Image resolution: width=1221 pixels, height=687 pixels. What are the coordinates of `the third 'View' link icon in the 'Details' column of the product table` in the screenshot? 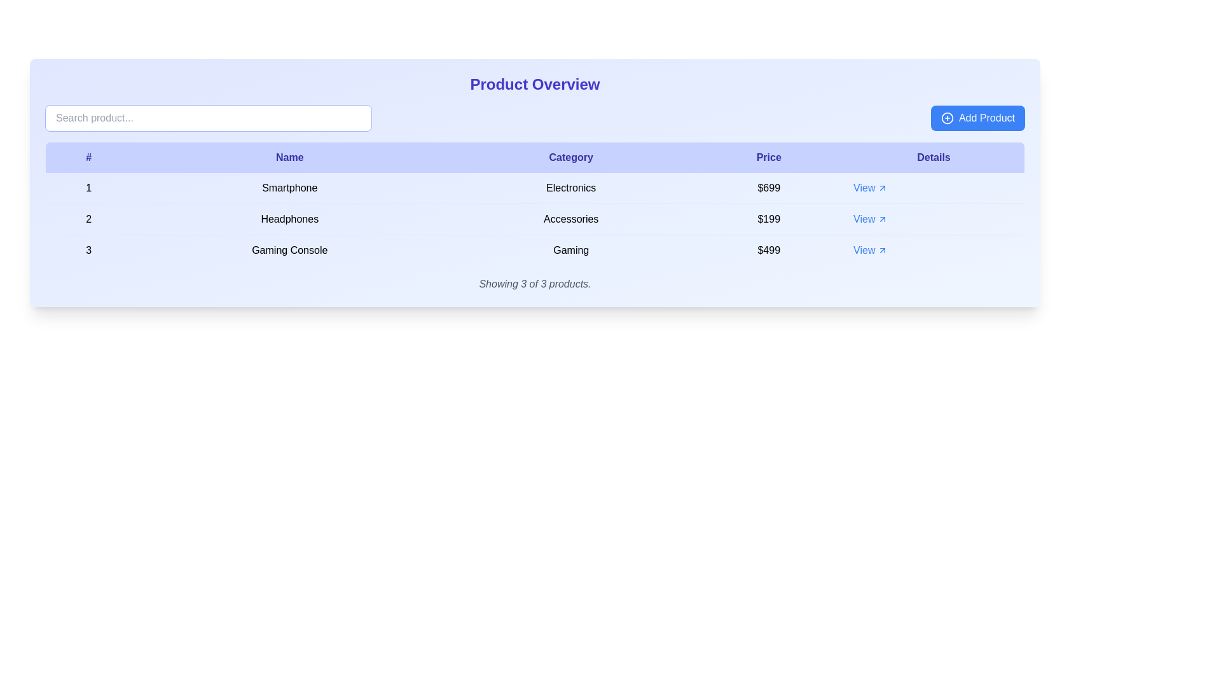 It's located at (881, 250).